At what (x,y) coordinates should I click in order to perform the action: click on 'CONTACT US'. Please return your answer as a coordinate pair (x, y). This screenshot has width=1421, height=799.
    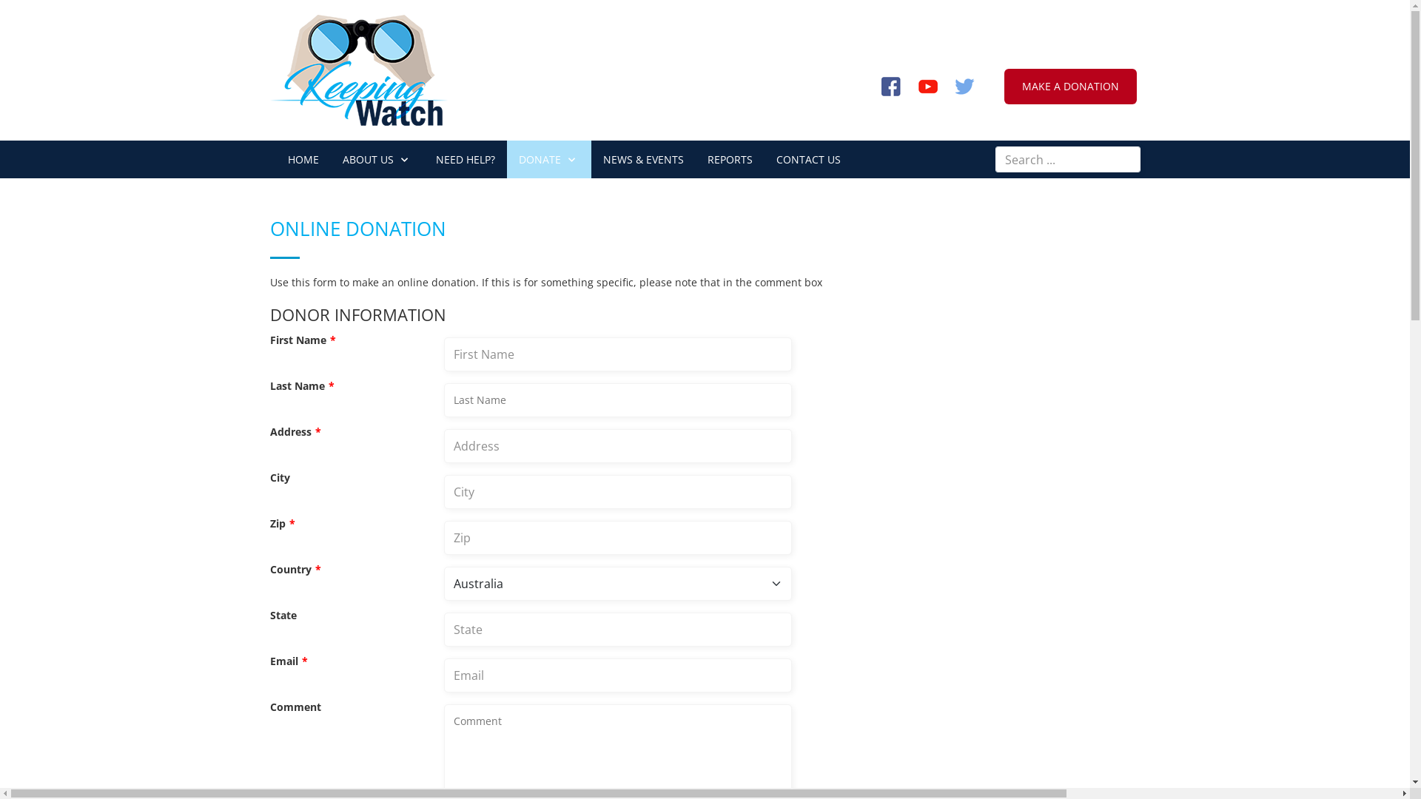
    Looking at the image, I should click on (807, 159).